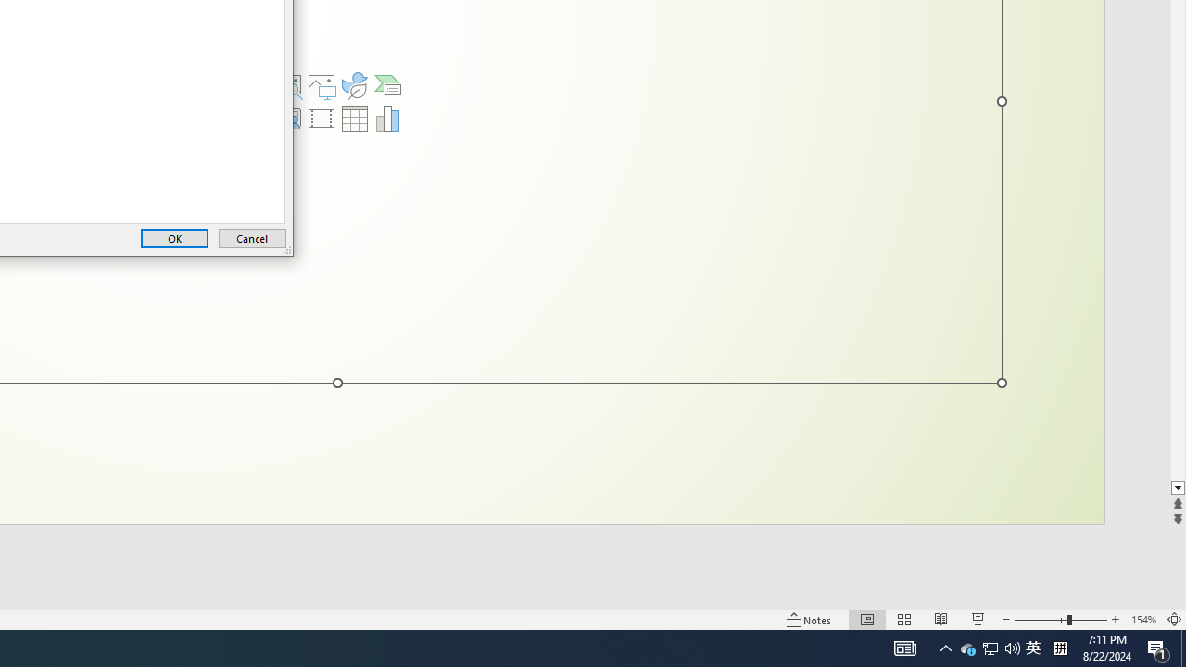 The image size is (1186, 667). I want to click on 'Zoom 154%', so click(1142, 620).